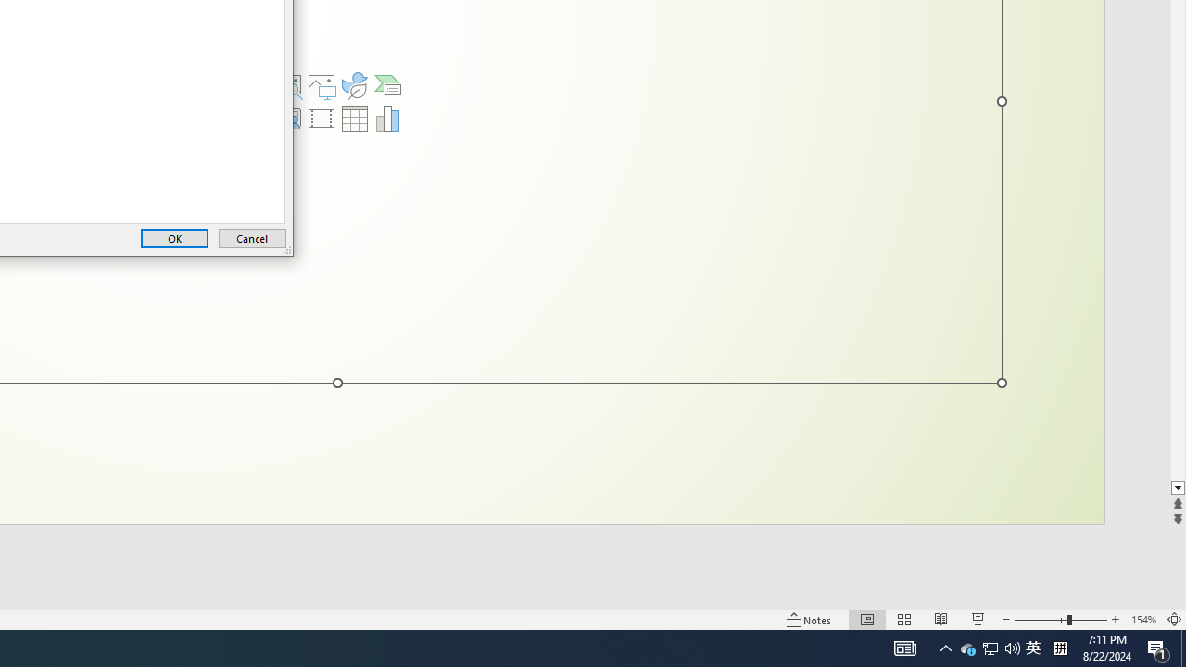 The image size is (1186, 667). I want to click on 'Zoom 154%', so click(1142, 620).